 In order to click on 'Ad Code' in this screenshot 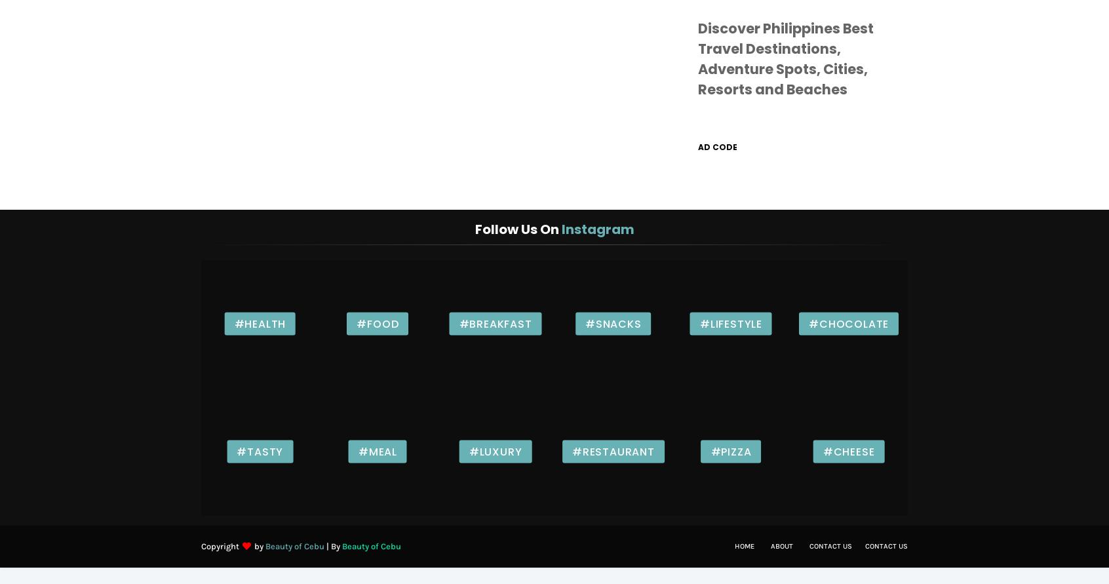, I will do `click(718, 146)`.